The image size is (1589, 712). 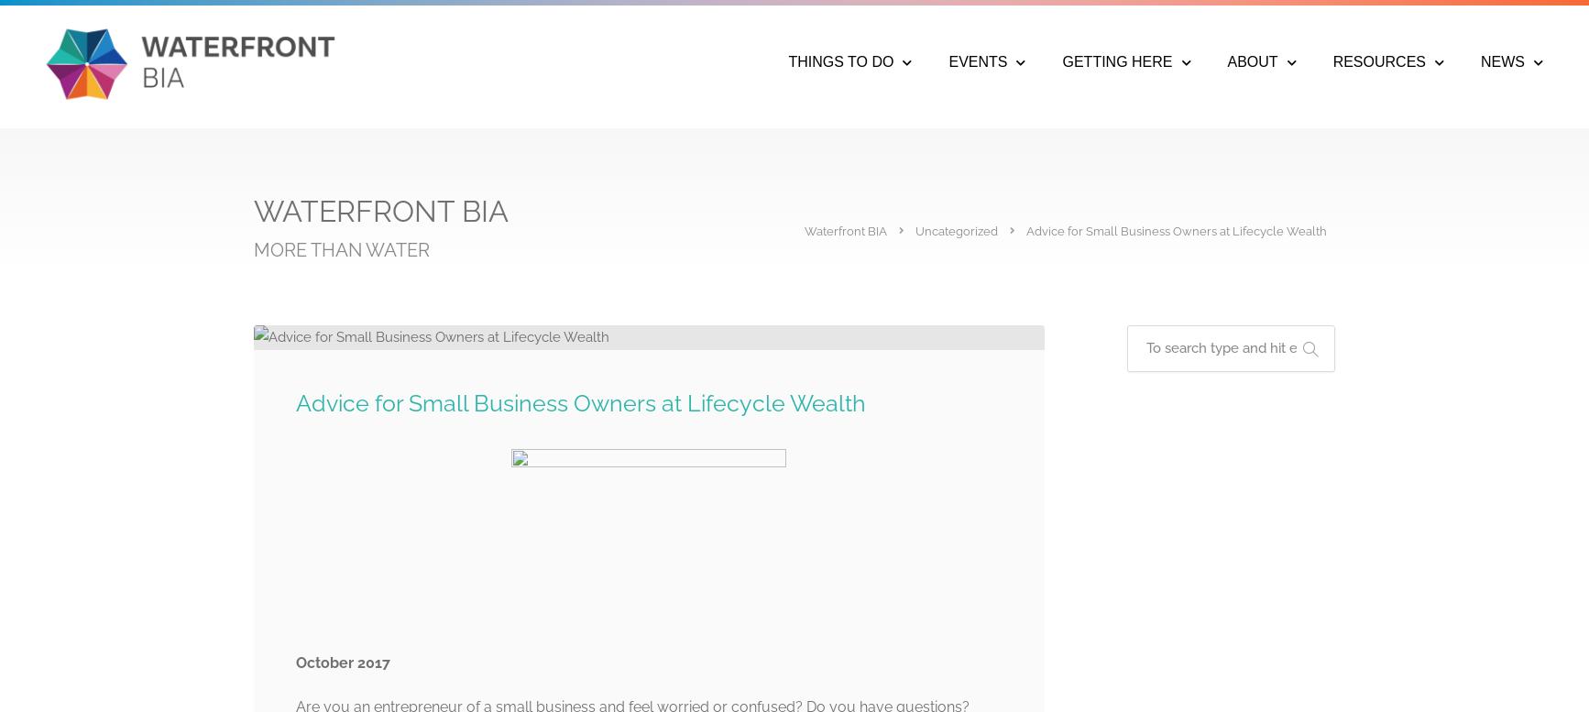 What do you see at coordinates (957, 231) in the screenshot?
I see `'Uncategorized'` at bounding box center [957, 231].